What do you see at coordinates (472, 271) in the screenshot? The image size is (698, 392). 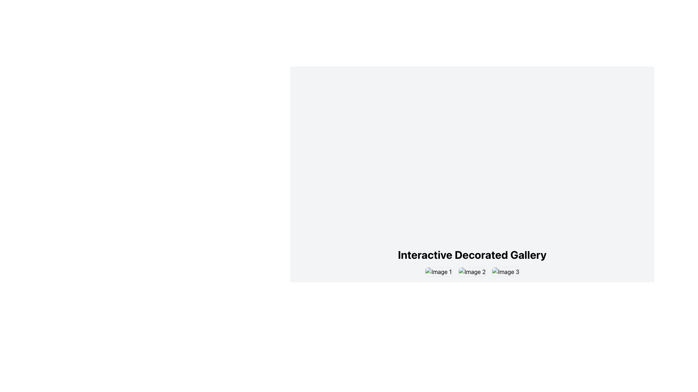 I see `the Gallery Thumbnail labeled 'Image 2'` at bounding box center [472, 271].